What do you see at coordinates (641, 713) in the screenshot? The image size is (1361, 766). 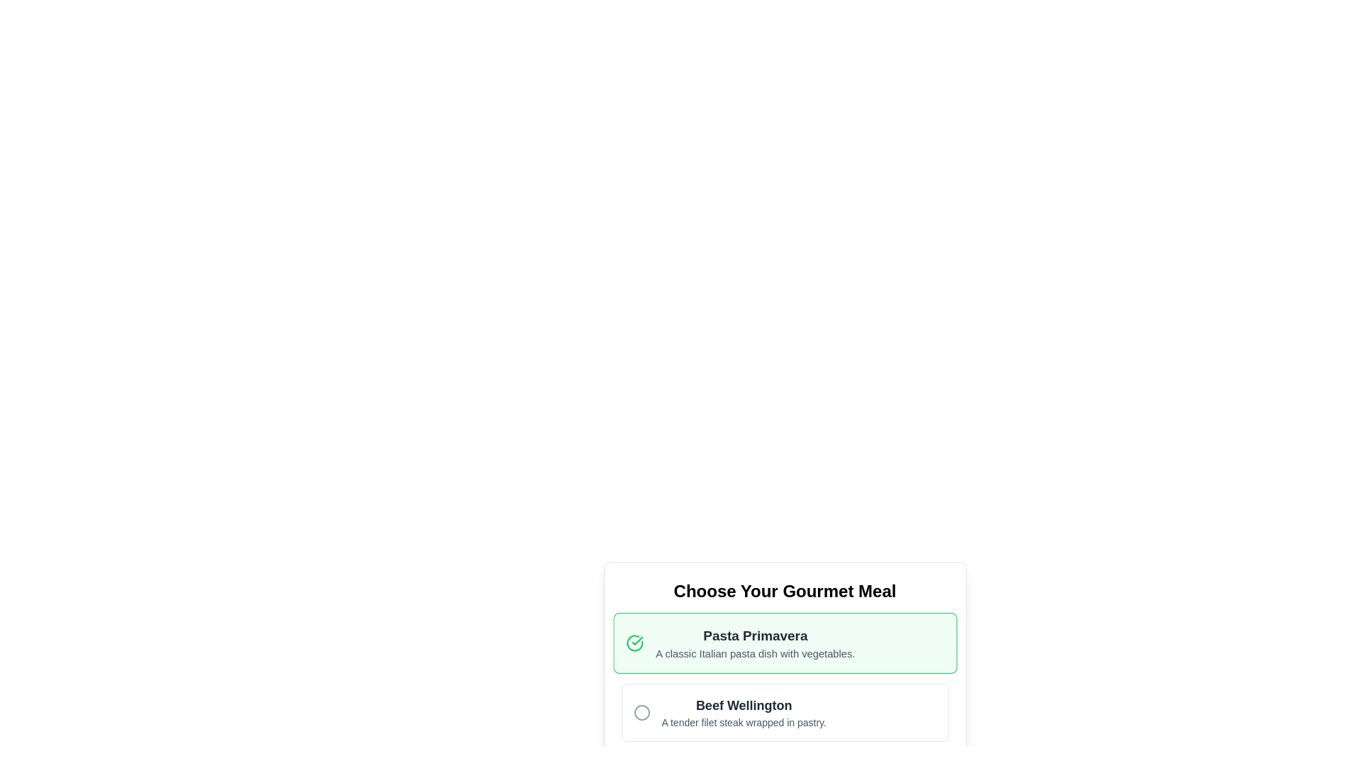 I see `the Circle SVG element located near the 'Beef Wellington' label in the gourmet meal selection section` at bounding box center [641, 713].